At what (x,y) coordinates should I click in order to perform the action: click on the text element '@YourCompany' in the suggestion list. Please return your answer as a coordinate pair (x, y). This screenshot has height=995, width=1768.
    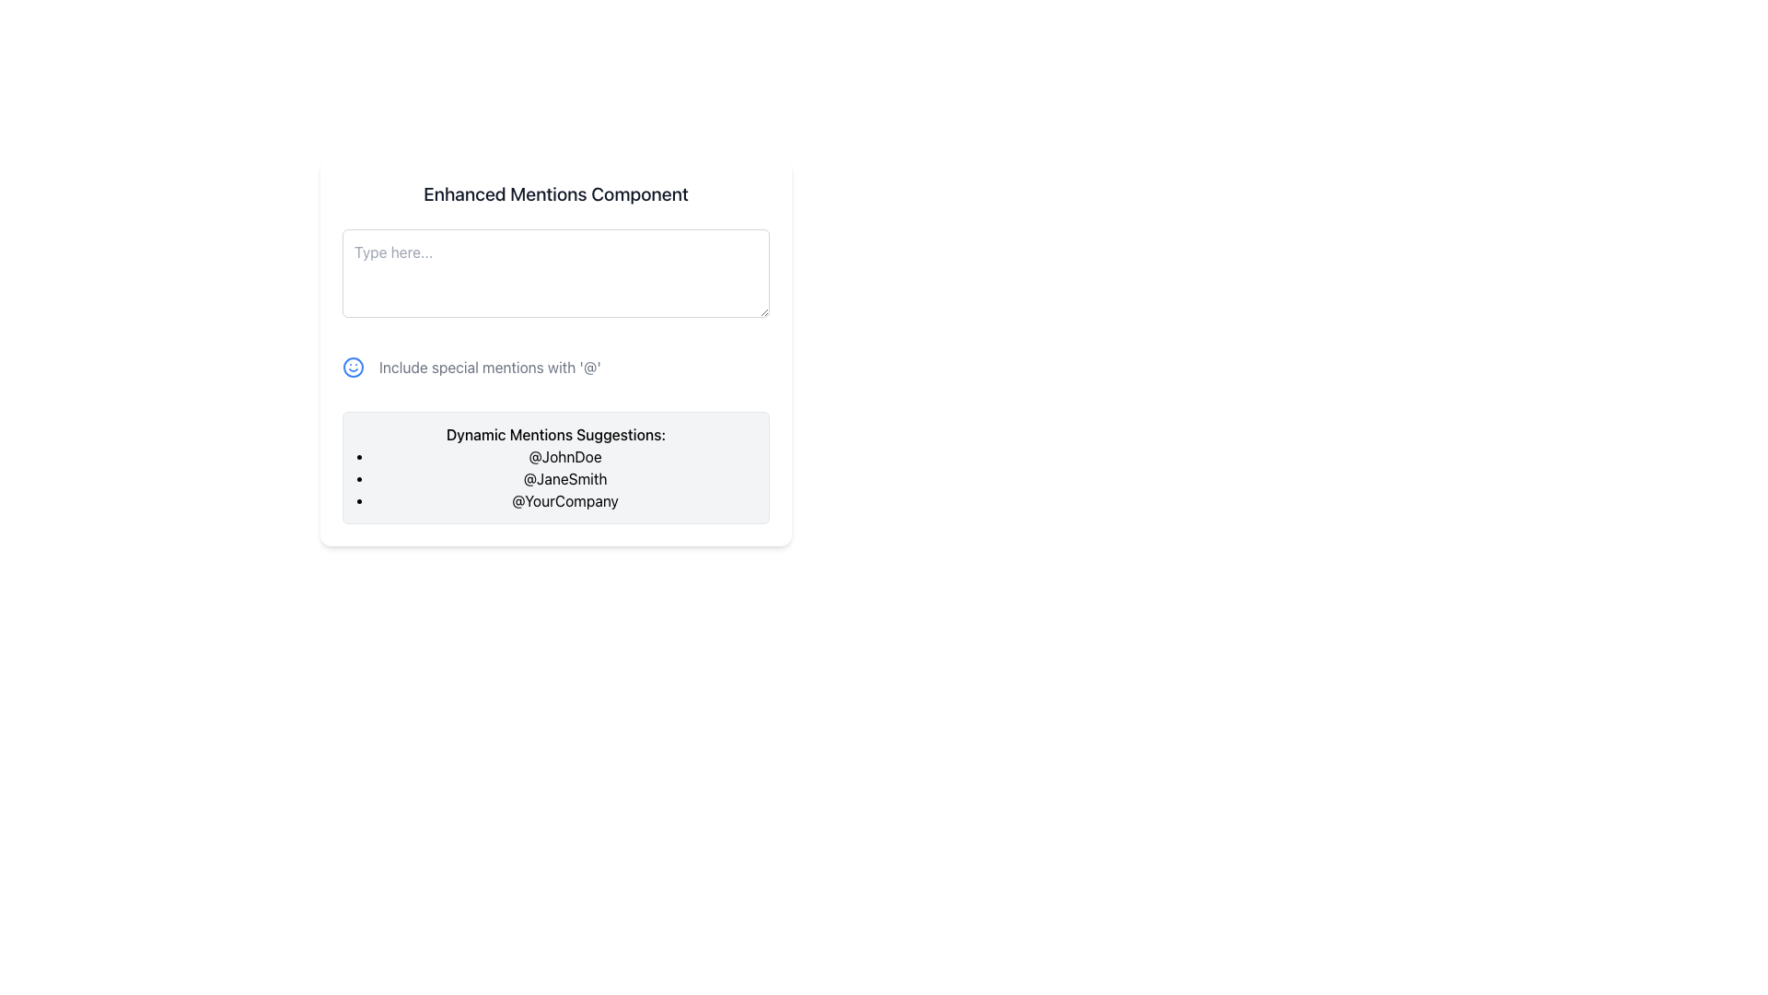
    Looking at the image, I should click on (564, 500).